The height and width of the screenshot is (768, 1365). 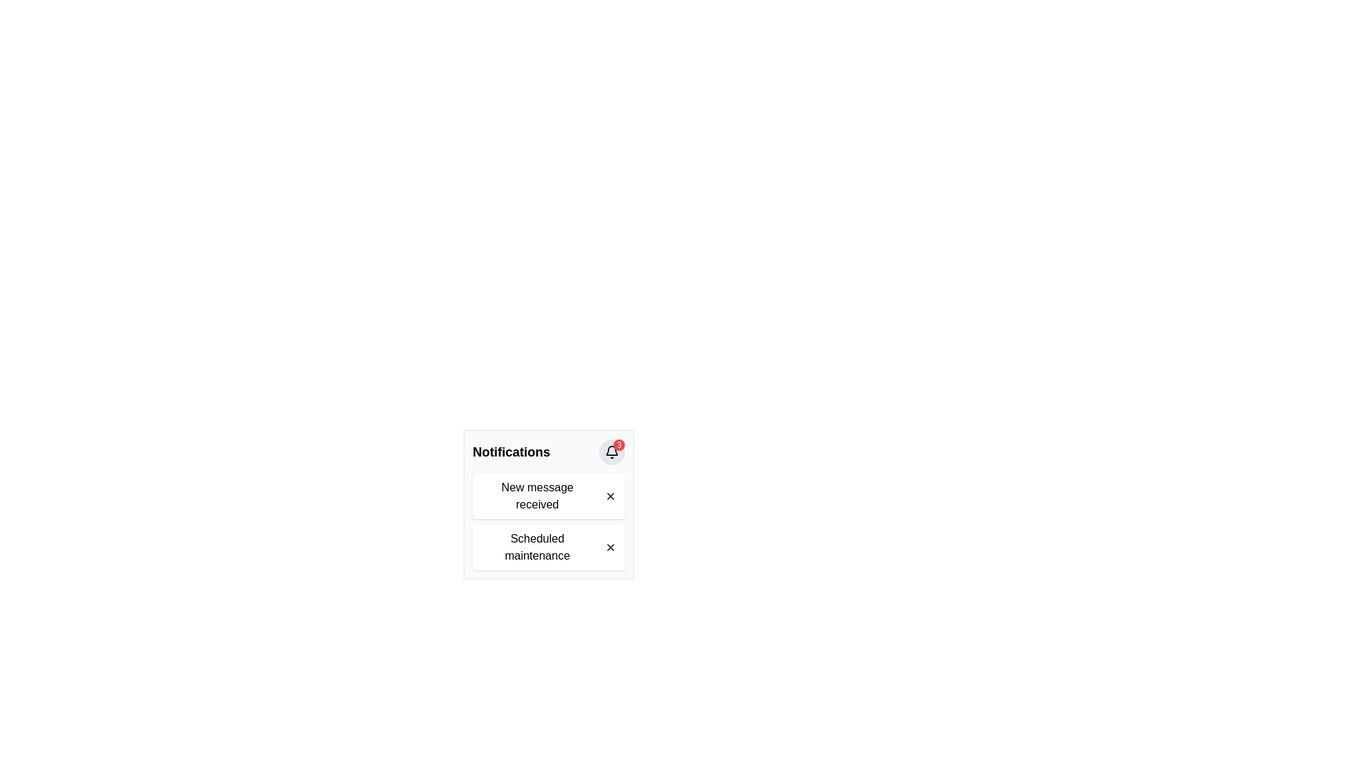 I want to click on the bell icon in the notifications panel, so click(x=611, y=452).